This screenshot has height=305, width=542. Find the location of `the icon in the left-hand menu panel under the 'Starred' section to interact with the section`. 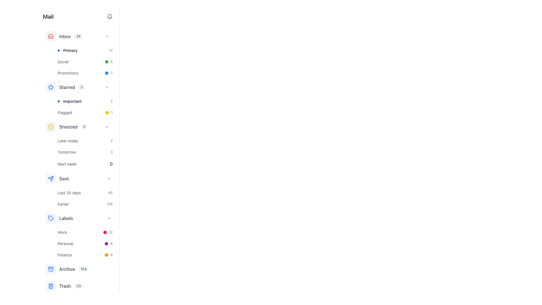

the icon in the left-hand menu panel under the 'Starred' section to interact with the section is located at coordinates (51, 87).